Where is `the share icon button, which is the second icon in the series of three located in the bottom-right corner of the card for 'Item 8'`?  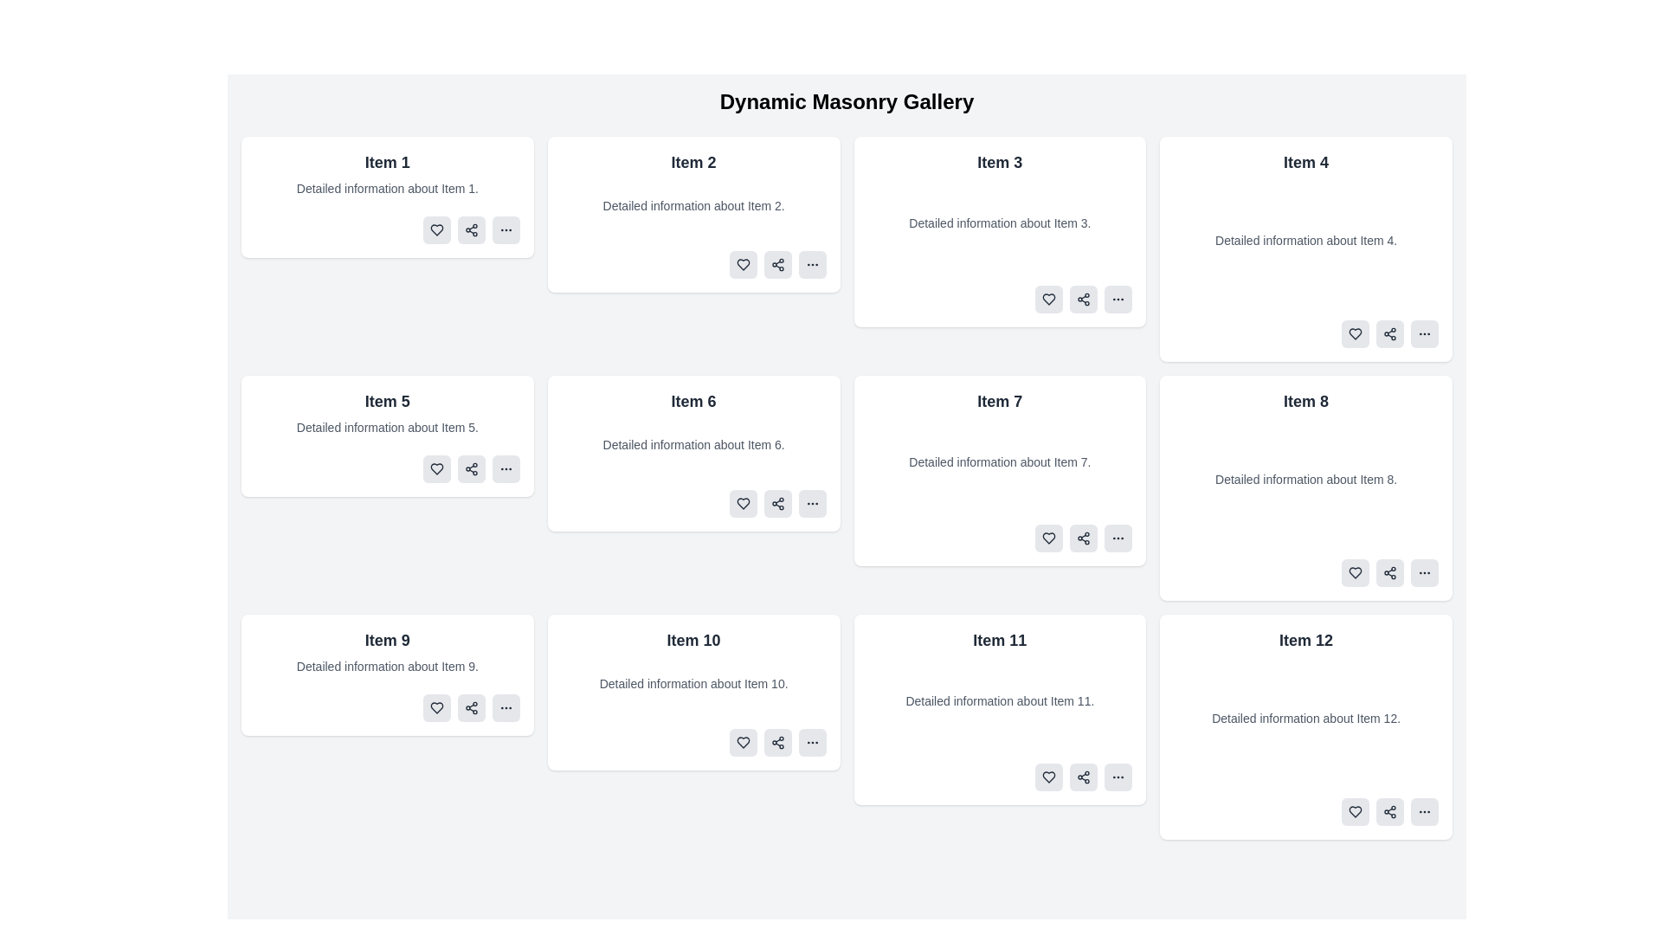 the share icon button, which is the second icon in the series of three located in the bottom-right corner of the card for 'Item 8' is located at coordinates (1390, 573).